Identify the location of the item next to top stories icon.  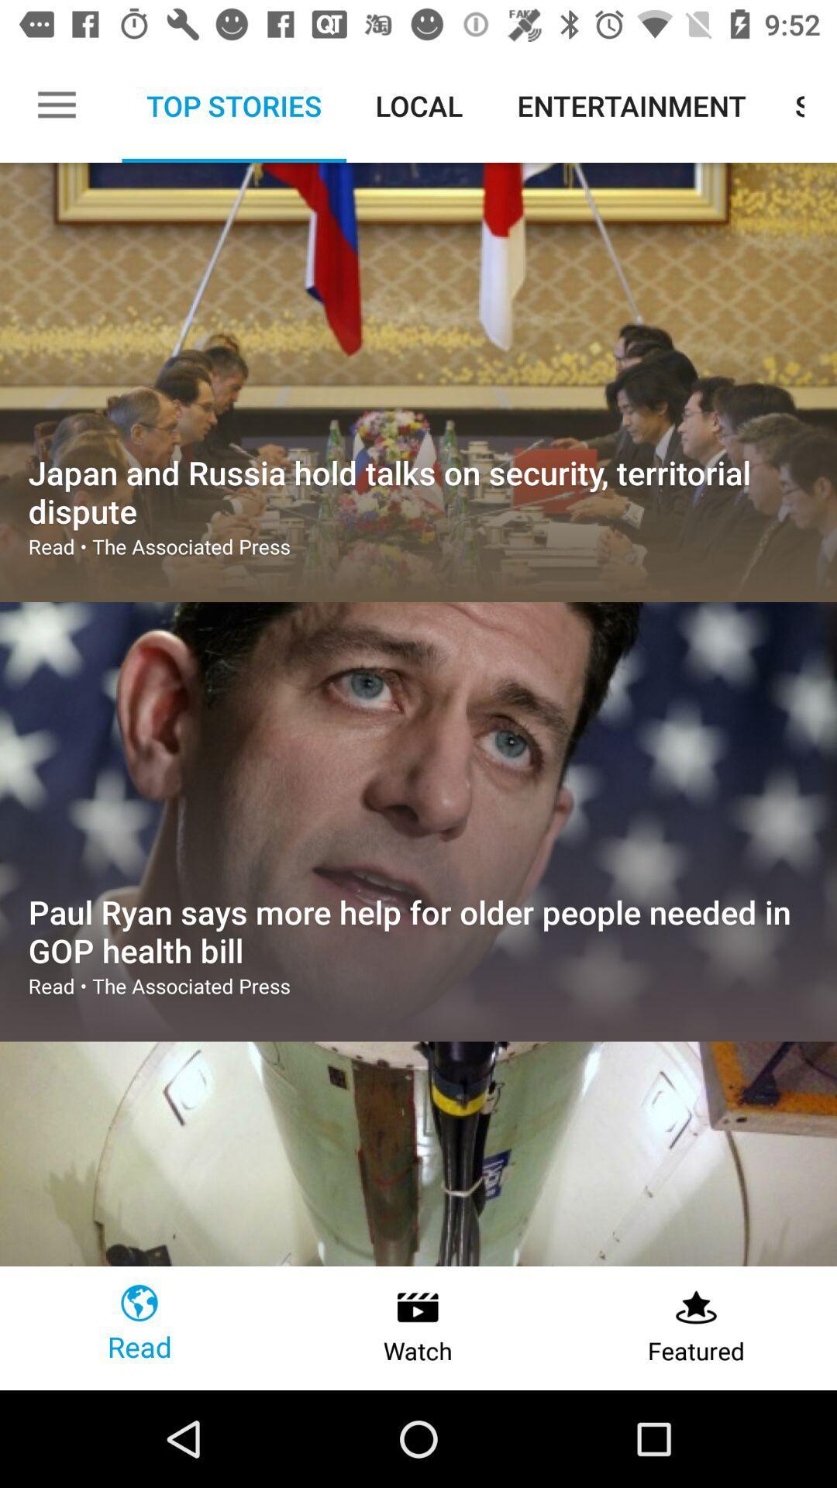
(56, 105).